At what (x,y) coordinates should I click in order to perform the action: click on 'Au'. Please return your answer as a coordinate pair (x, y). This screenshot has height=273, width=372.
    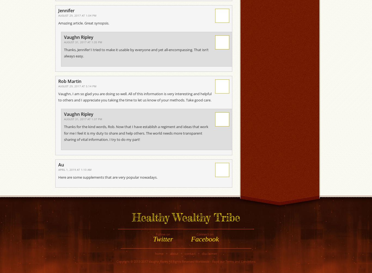
    Looking at the image, I should click on (61, 165).